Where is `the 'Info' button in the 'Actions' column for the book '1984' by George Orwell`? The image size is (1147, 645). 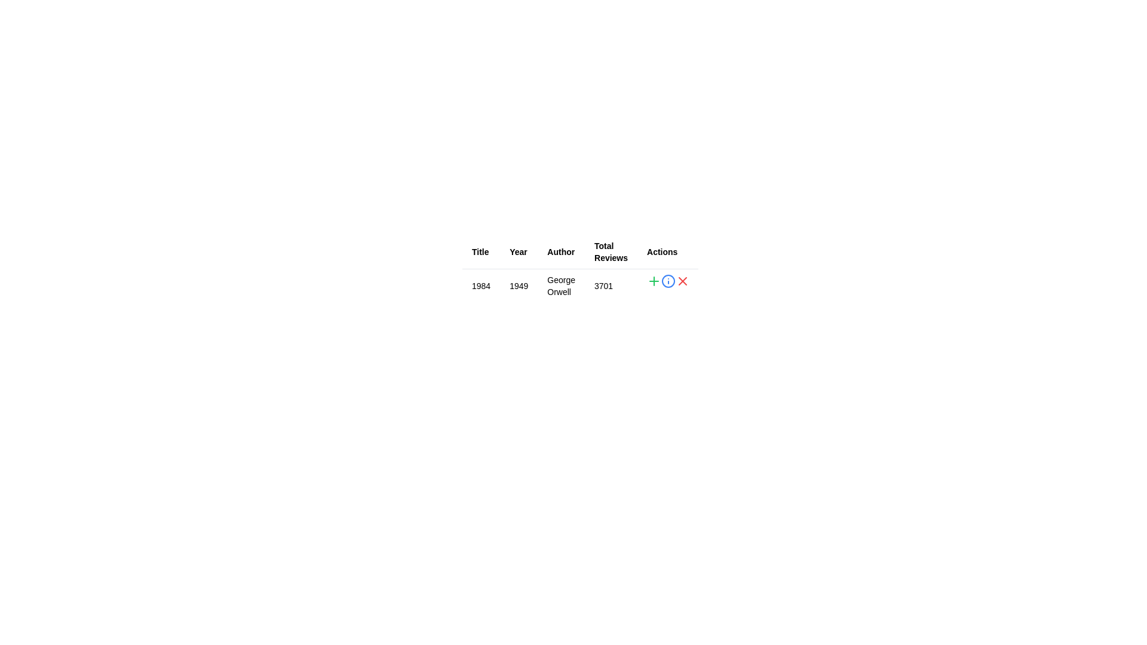 the 'Info' button in the 'Actions' column for the book '1984' by George Orwell is located at coordinates (667, 281).